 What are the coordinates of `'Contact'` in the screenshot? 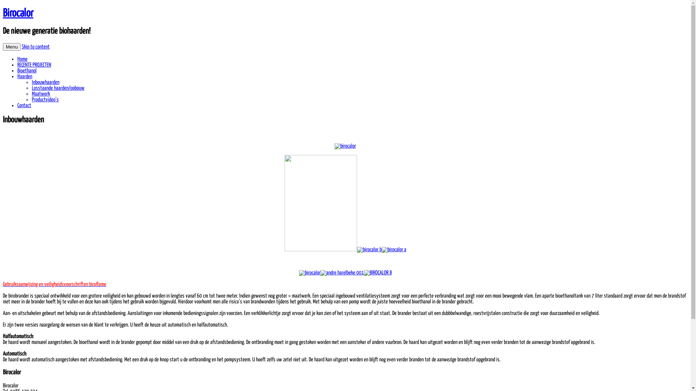 It's located at (24, 105).